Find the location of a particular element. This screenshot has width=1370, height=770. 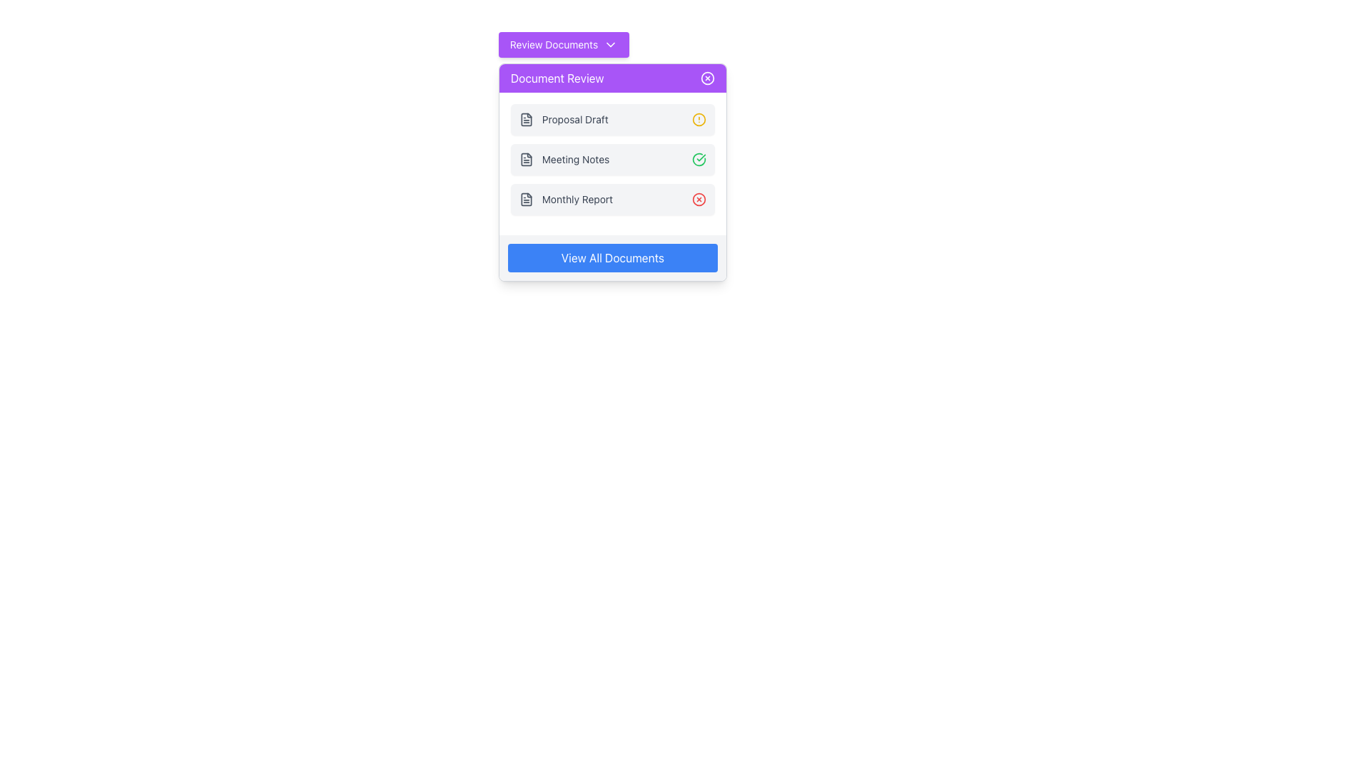

the circular button with a white border containing an 'X' shape, located in the top-right corner of the purple header labeled 'Document Review', to trigger tooltip or visual feedback is located at coordinates (707, 78).